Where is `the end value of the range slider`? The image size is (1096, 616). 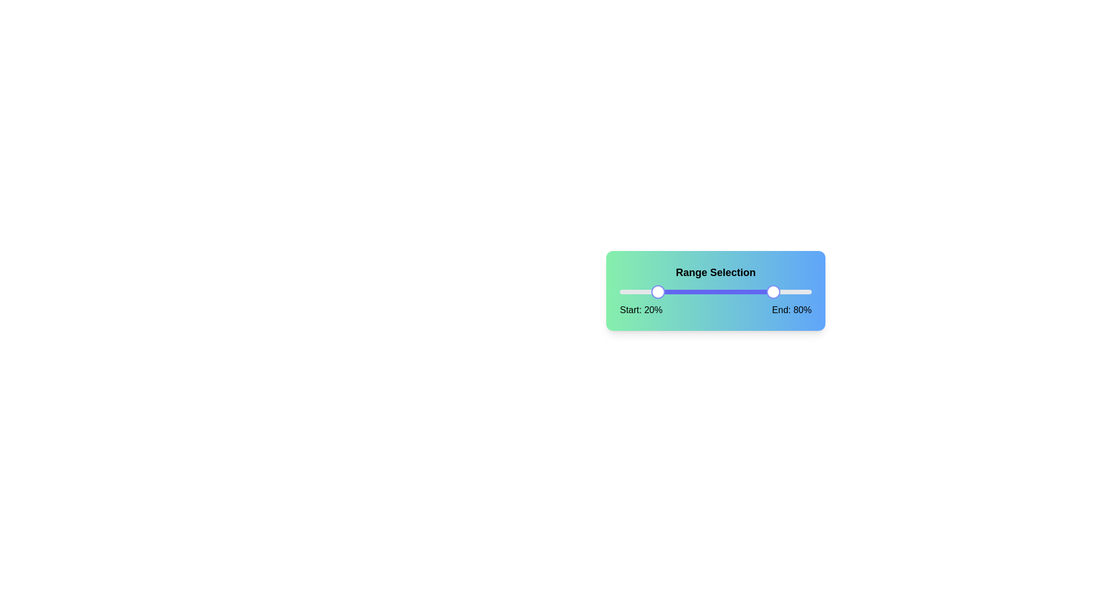
the end value of the range slider is located at coordinates (727, 291).